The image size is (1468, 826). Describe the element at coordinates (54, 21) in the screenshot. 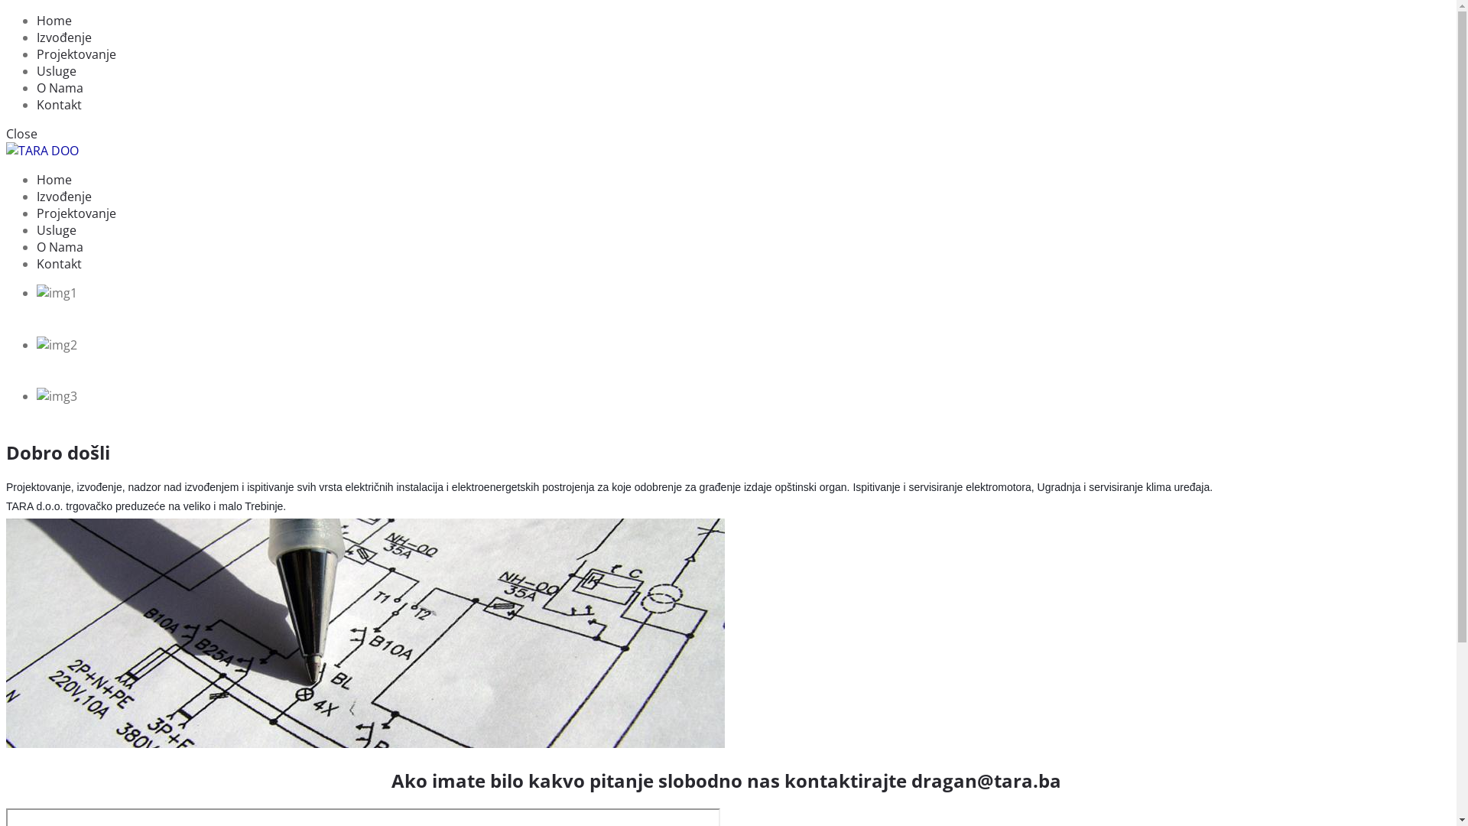

I see `'Home'` at that location.